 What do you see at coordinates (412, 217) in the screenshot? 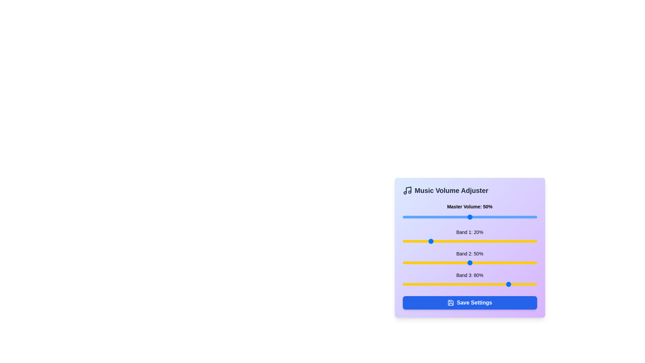
I see `the master volume` at bounding box center [412, 217].